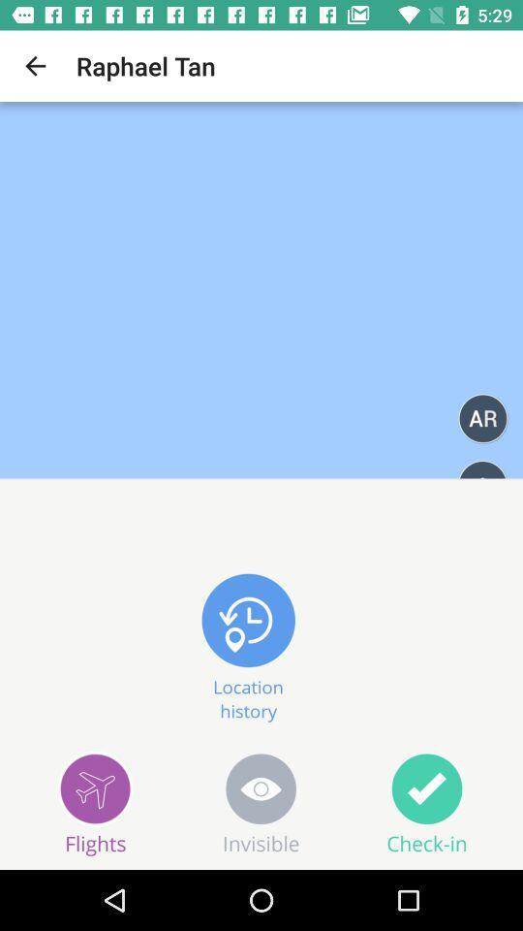 Image resolution: width=523 pixels, height=931 pixels. What do you see at coordinates (482, 419) in the screenshot?
I see `the 2 alphabet text below raphael tan at right of it` at bounding box center [482, 419].